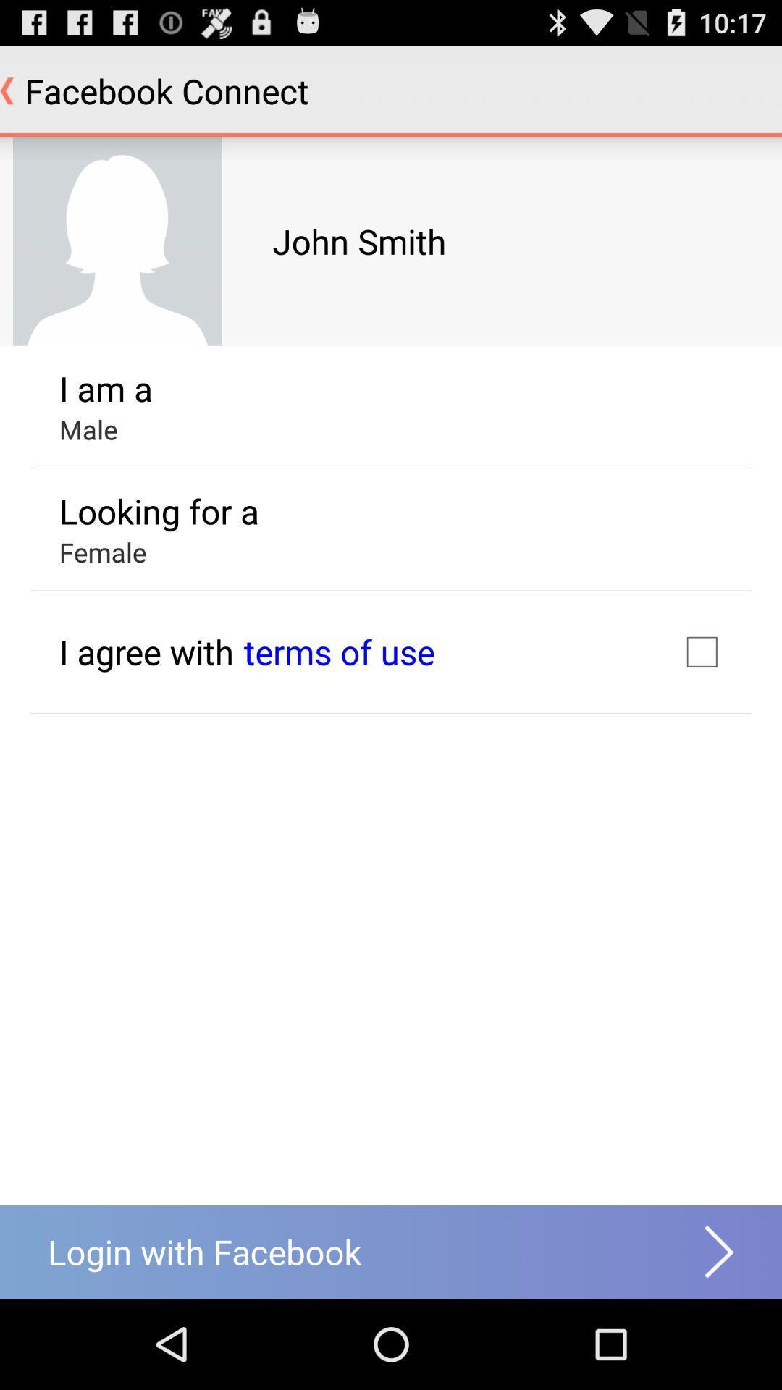 Image resolution: width=782 pixels, height=1390 pixels. Describe the element at coordinates (102, 551) in the screenshot. I see `app above the i agree with icon` at that location.